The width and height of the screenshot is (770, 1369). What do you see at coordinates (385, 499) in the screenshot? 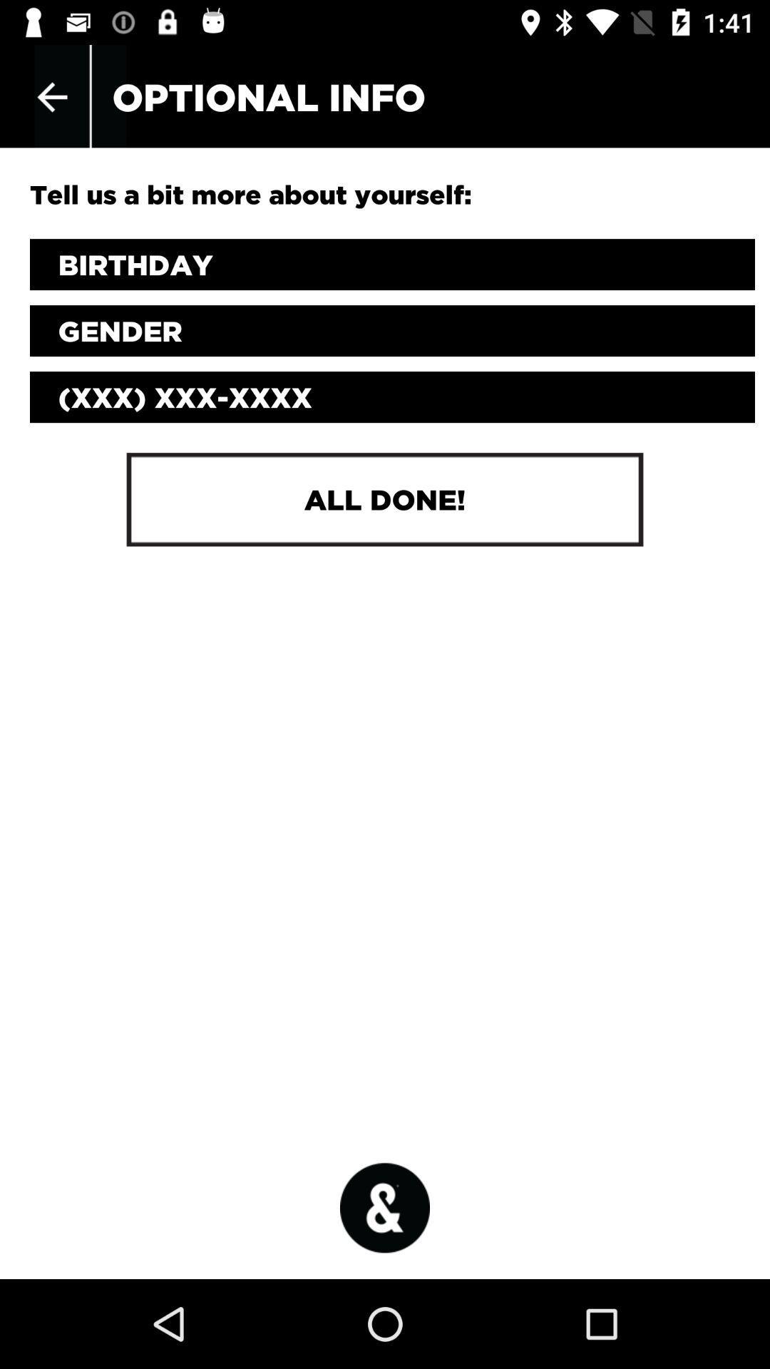
I see `item at the center` at bounding box center [385, 499].